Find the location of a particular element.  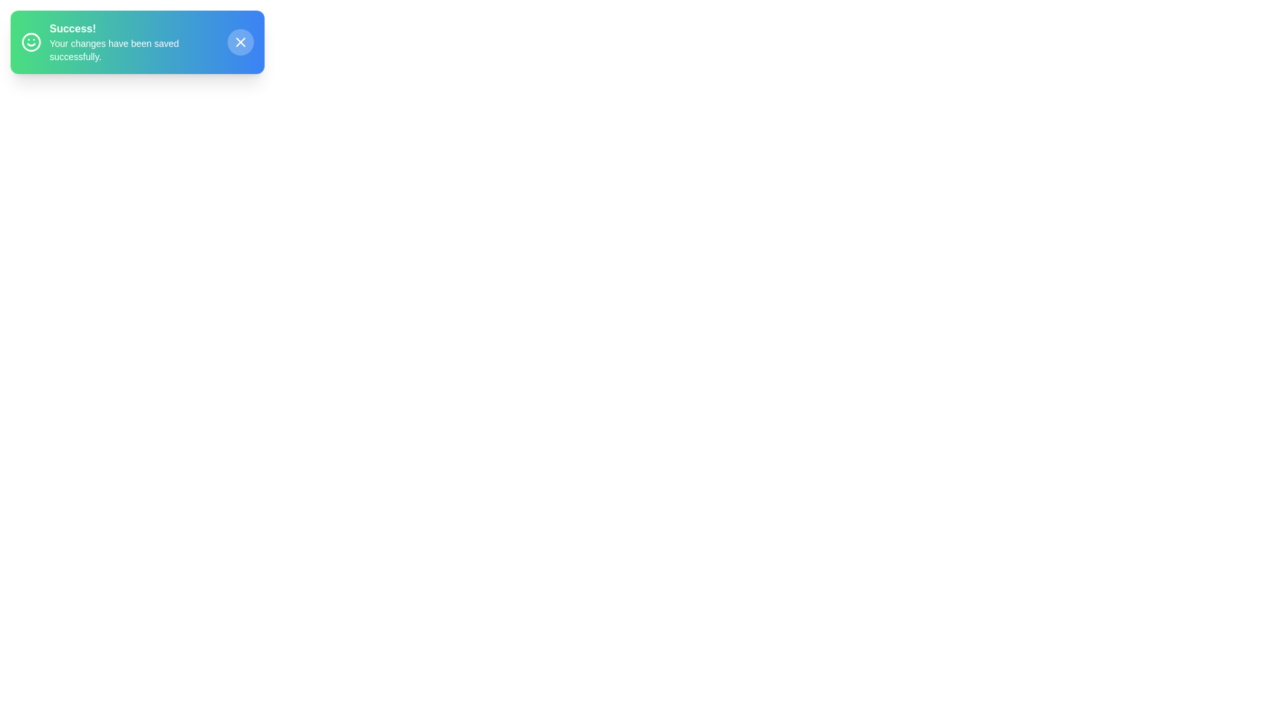

the close button to dismiss the notification is located at coordinates (241, 42).